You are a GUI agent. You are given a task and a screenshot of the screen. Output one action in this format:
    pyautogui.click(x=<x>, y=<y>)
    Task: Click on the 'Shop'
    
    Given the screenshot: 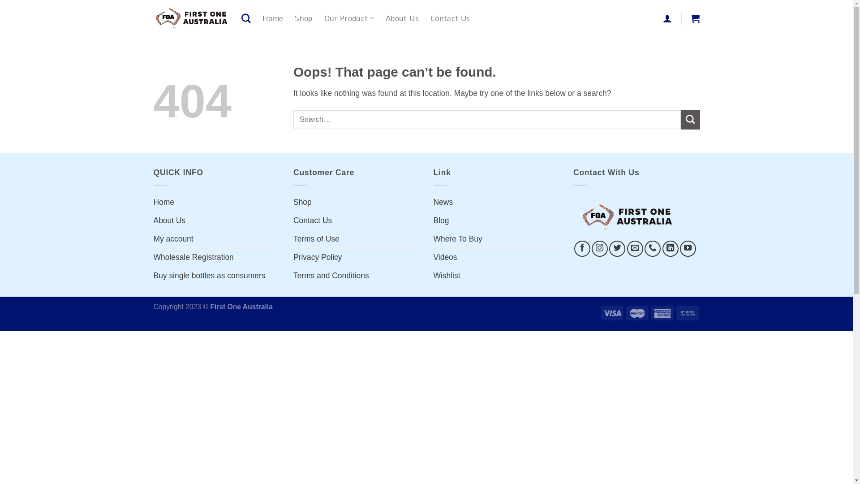 What is the action you would take?
    pyautogui.click(x=303, y=18)
    